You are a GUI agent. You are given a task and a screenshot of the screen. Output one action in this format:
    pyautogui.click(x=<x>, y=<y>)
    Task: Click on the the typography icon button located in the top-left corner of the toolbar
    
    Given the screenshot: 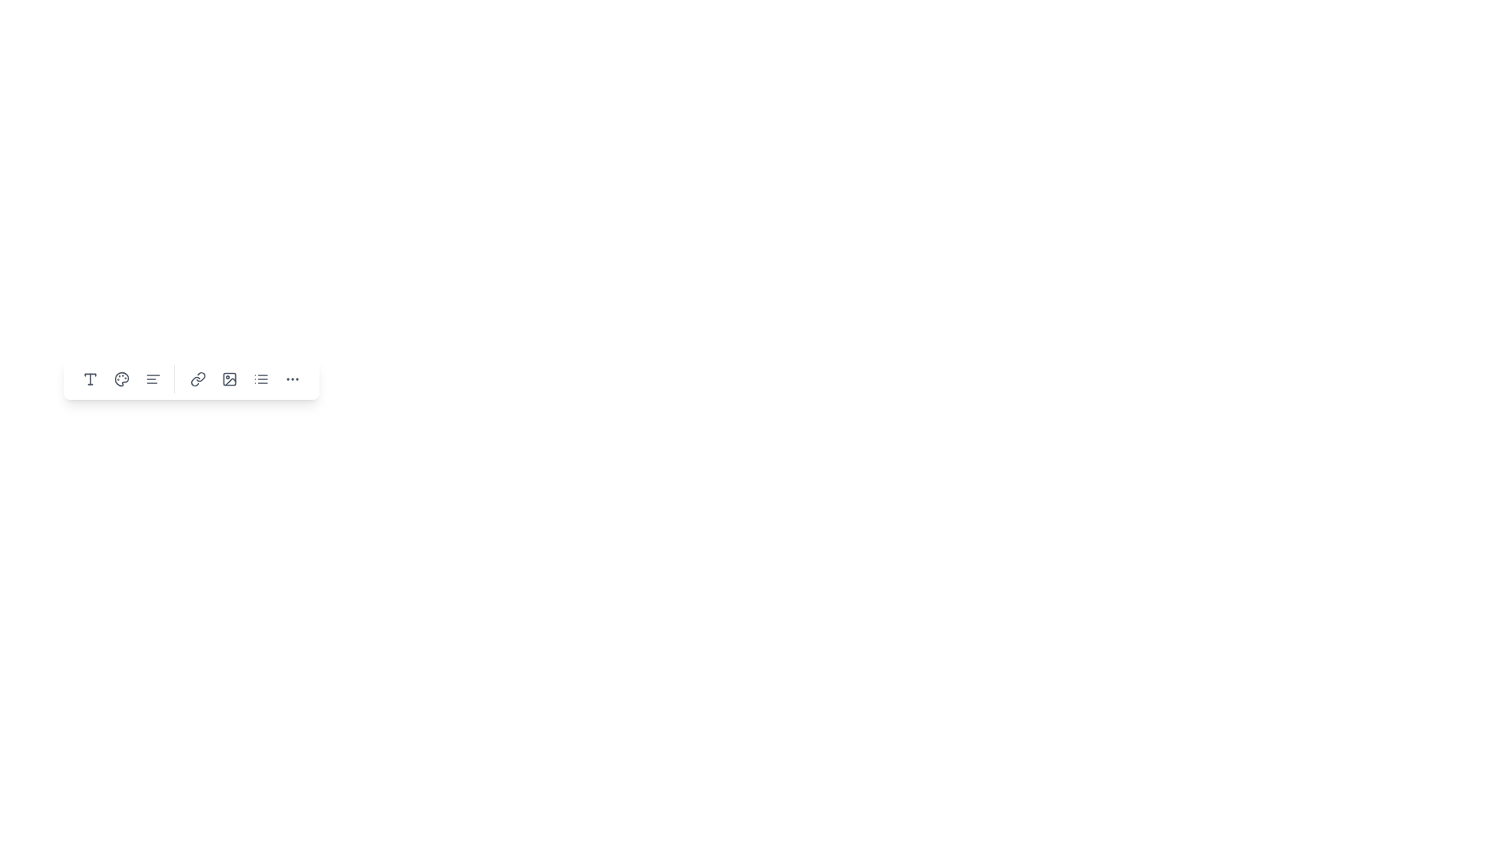 What is the action you would take?
    pyautogui.click(x=90, y=379)
    